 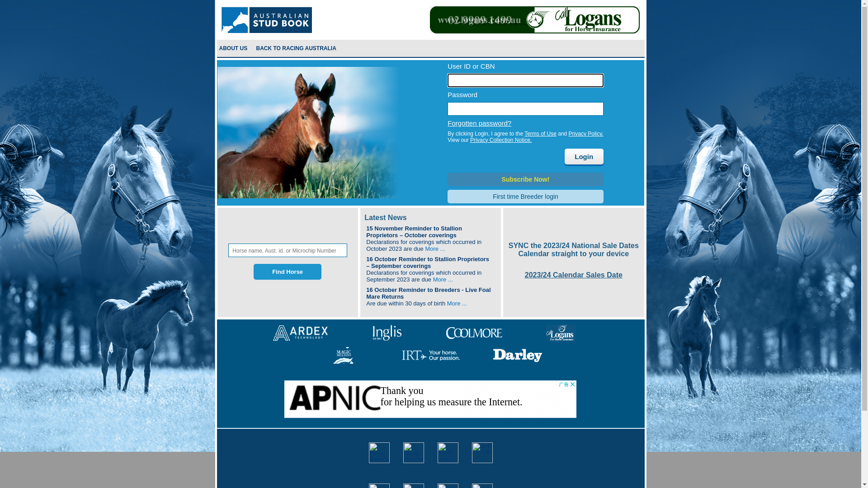 I want to click on 'Login', so click(x=584, y=156).